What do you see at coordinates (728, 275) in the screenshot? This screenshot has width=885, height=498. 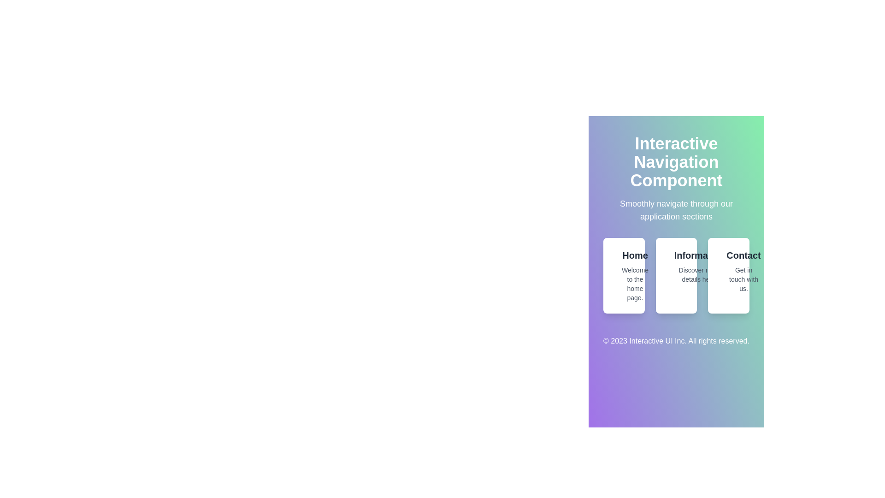 I see `the 'Contact' button-like link card, which has a white background, rounded corners, and contains the title 'Contact' in bold black text` at bounding box center [728, 275].